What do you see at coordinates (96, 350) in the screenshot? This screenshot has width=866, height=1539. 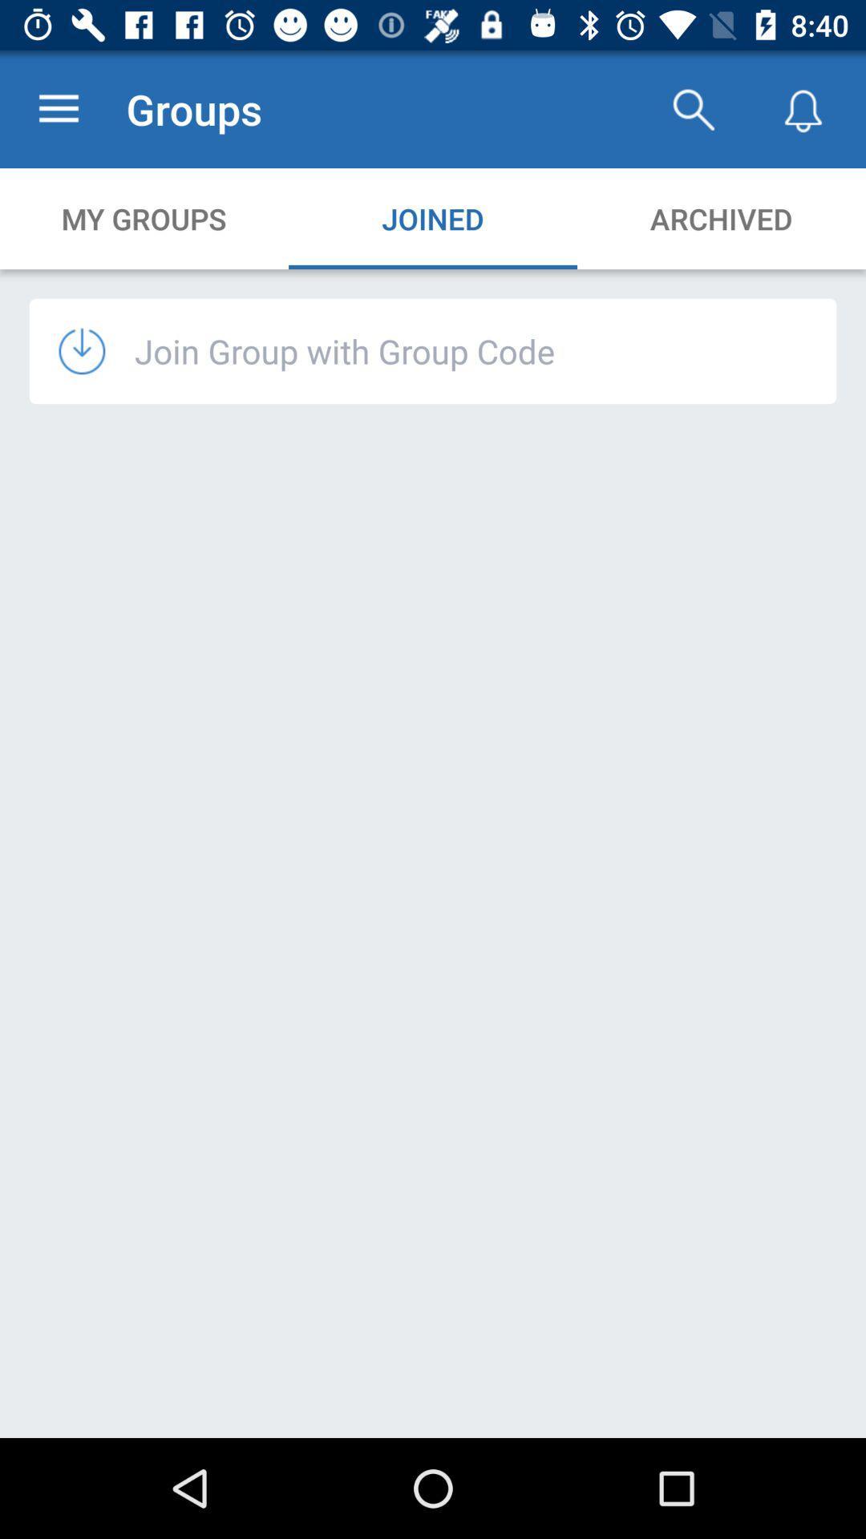 I see `icon next to join group with icon` at bounding box center [96, 350].